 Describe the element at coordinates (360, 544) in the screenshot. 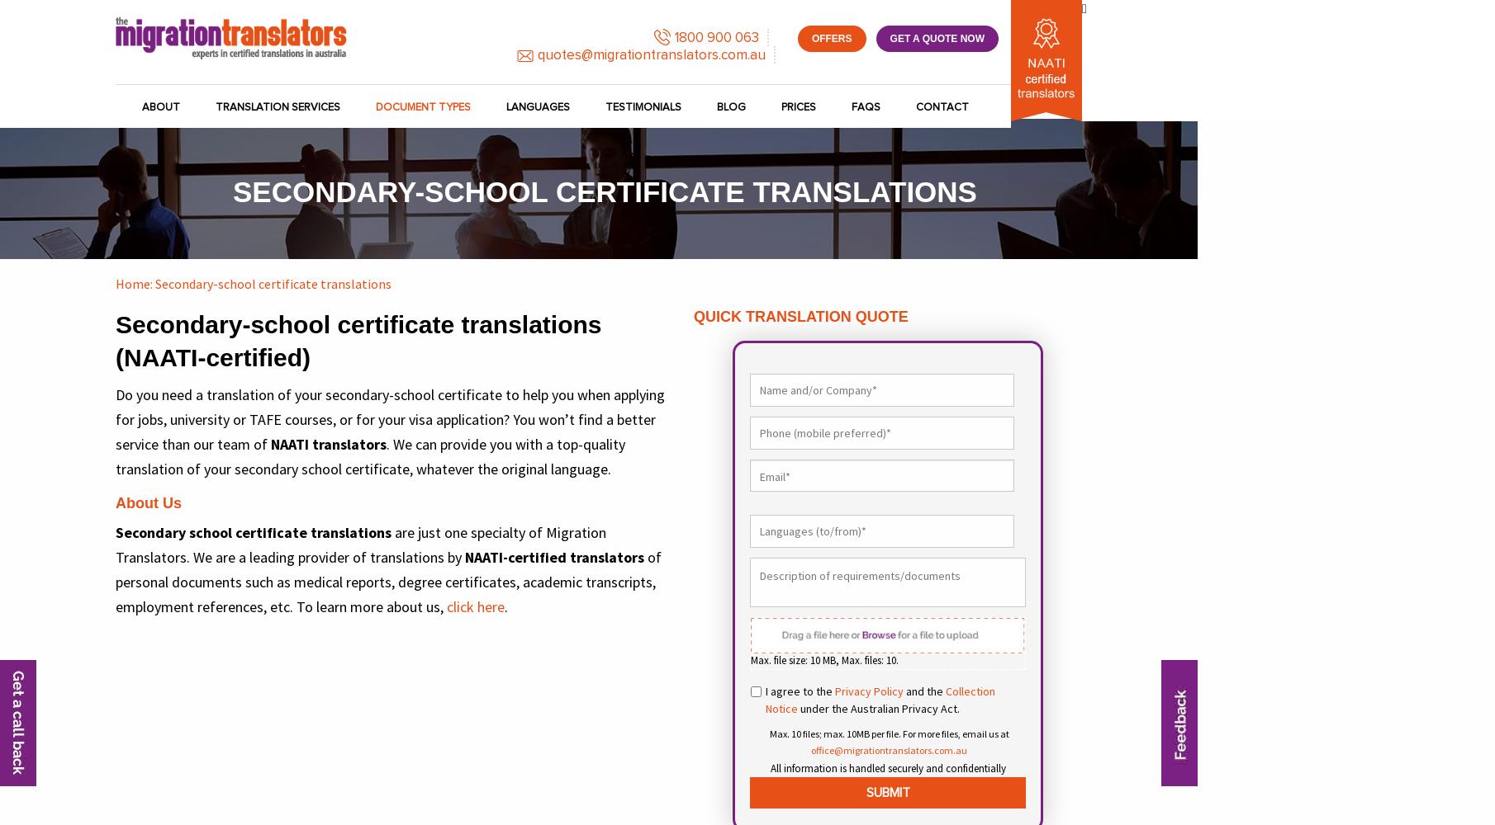

I see `'are just one specialty of Migration Translators. We are a leading provider of translations by'` at that location.